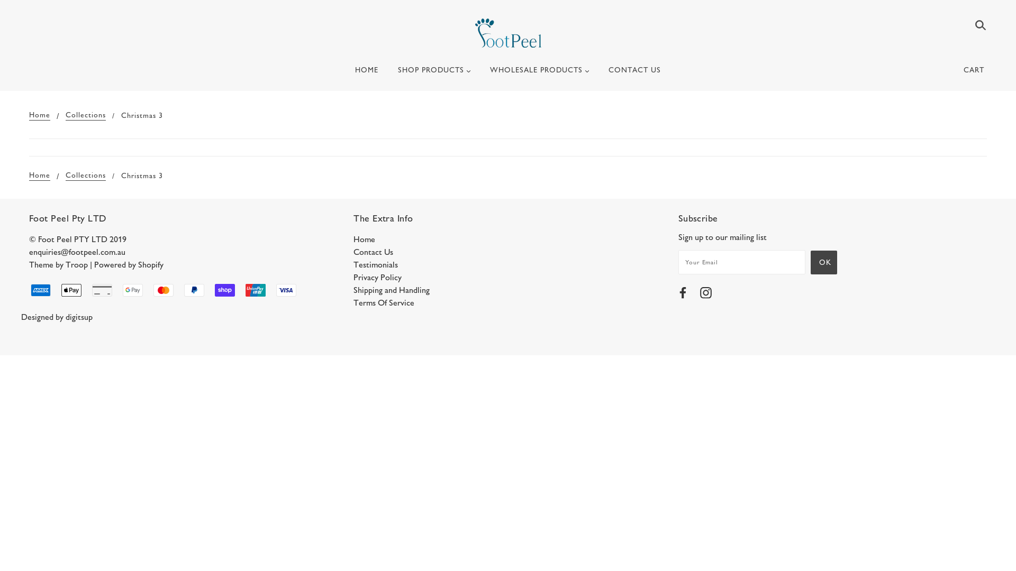 Image resolution: width=1016 pixels, height=571 pixels. What do you see at coordinates (539, 74) in the screenshot?
I see `'WHOLESALE PRODUCTS'` at bounding box center [539, 74].